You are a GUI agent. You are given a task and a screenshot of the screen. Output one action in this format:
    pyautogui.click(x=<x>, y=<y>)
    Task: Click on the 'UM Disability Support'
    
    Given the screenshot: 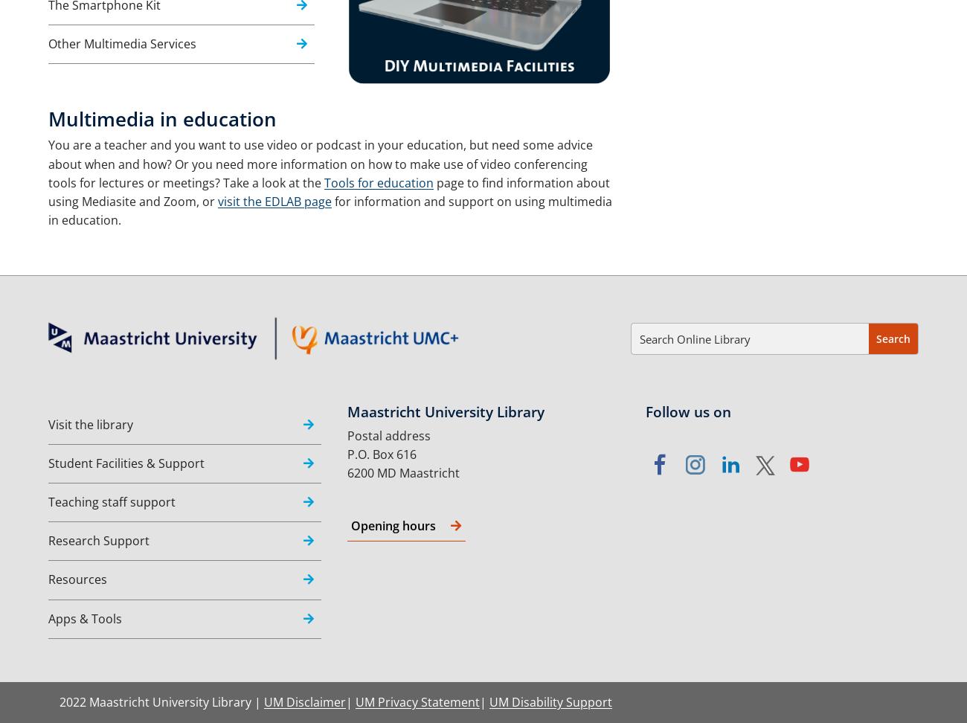 What is the action you would take?
    pyautogui.click(x=550, y=701)
    